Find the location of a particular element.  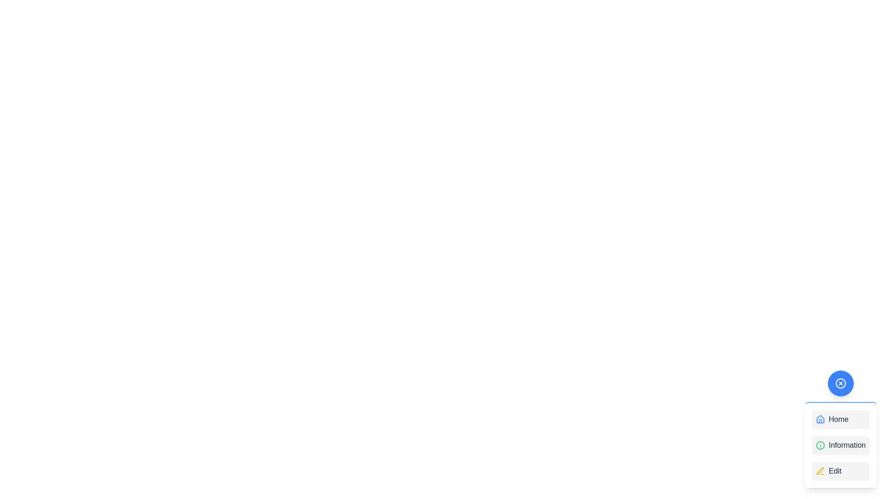

the close or delete icon located inside the rounded blue button at the top-right of the vertical menu is located at coordinates (841, 383).